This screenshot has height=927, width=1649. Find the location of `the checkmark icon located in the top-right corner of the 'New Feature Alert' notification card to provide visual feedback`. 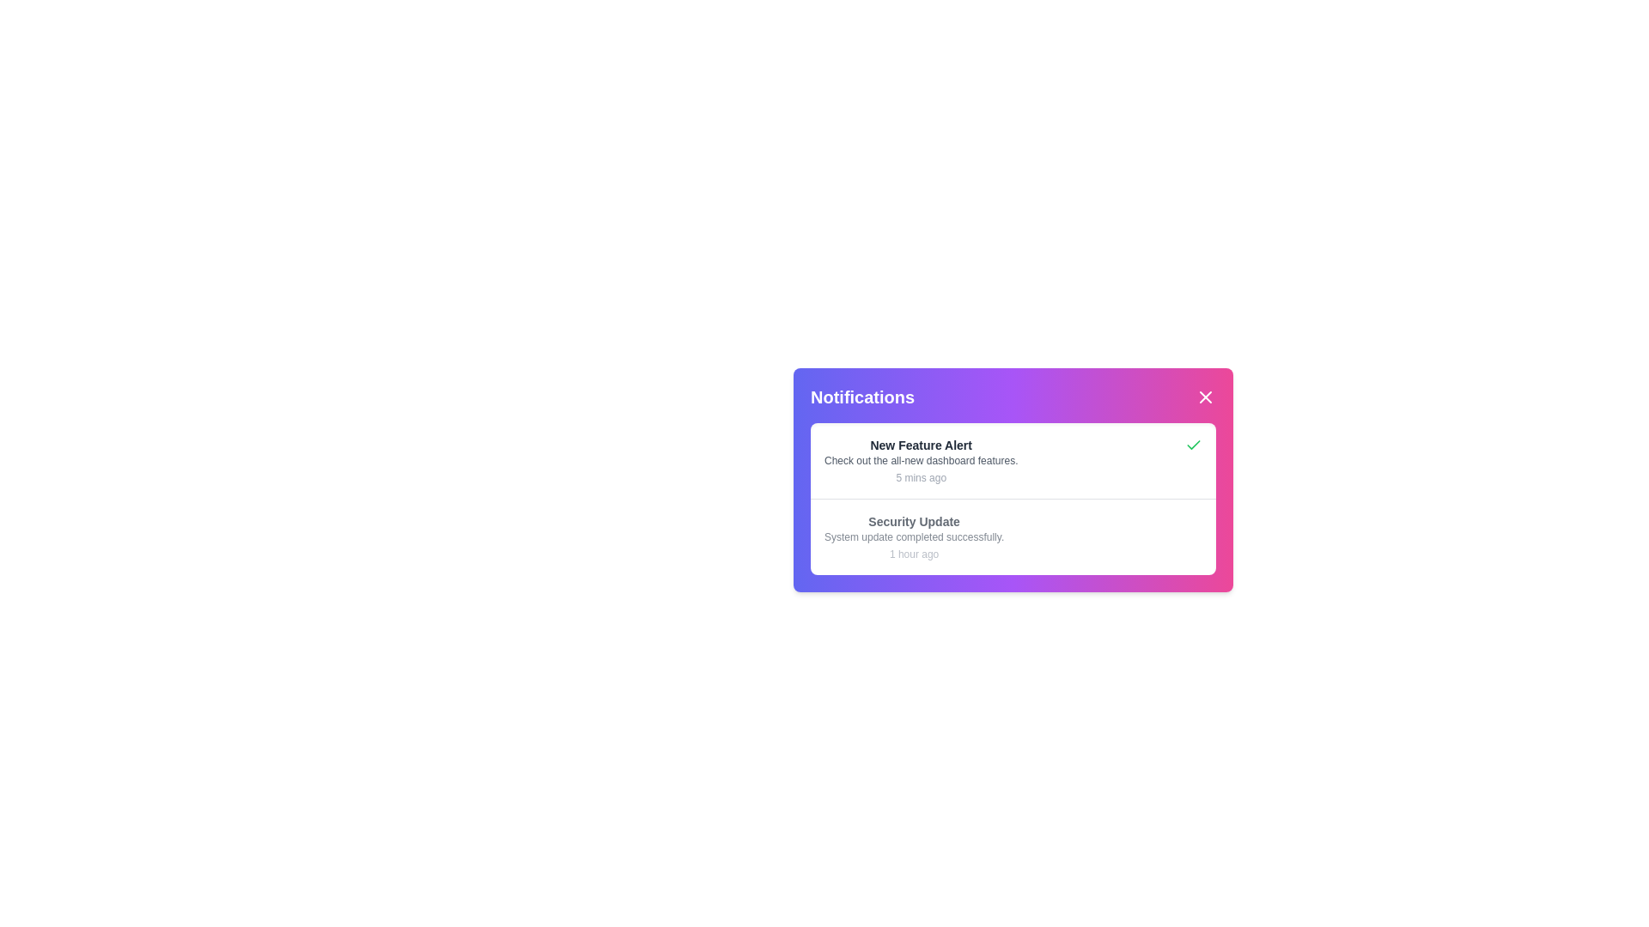

the checkmark icon located in the top-right corner of the 'New Feature Alert' notification card to provide visual feedback is located at coordinates (1193, 445).